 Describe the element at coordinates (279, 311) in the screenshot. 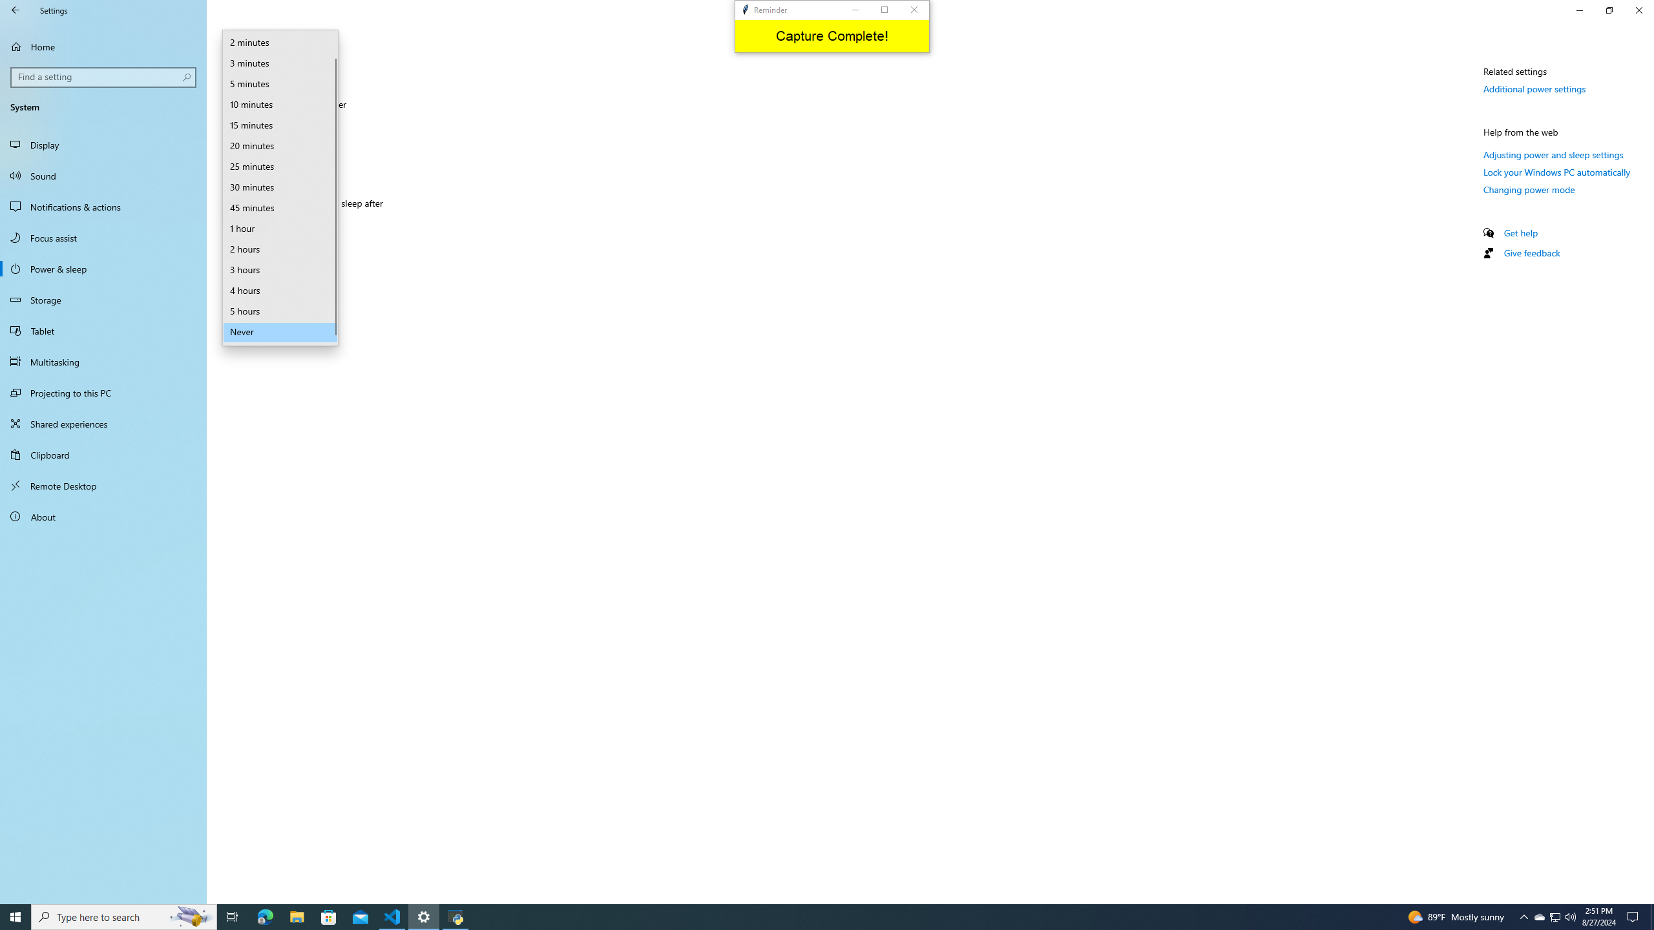

I see `'5 hours'` at that location.